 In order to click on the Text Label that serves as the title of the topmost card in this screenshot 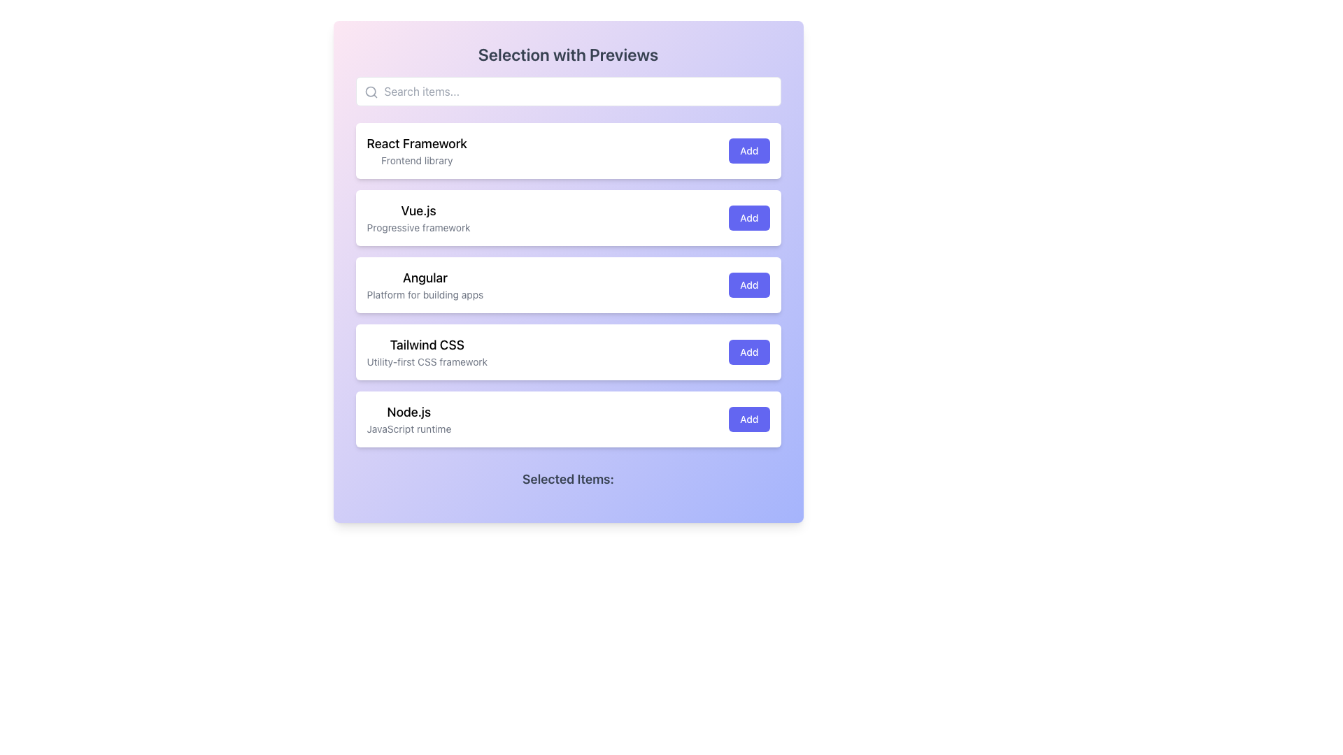, I will do `click(415, 143)`.